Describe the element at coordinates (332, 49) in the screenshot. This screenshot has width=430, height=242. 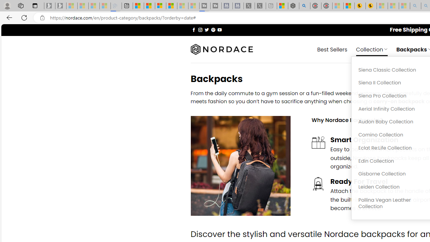
I see `' Best Sellers'` at that location.